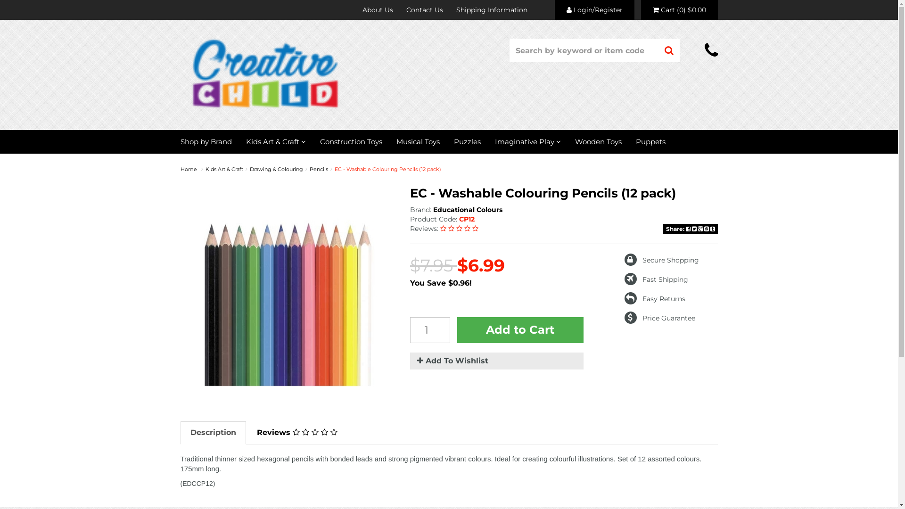  What do you see at coordinates (527, 141) in the screenshot?
I see `'Imaginative Play'` at bounding box center [527, 141].